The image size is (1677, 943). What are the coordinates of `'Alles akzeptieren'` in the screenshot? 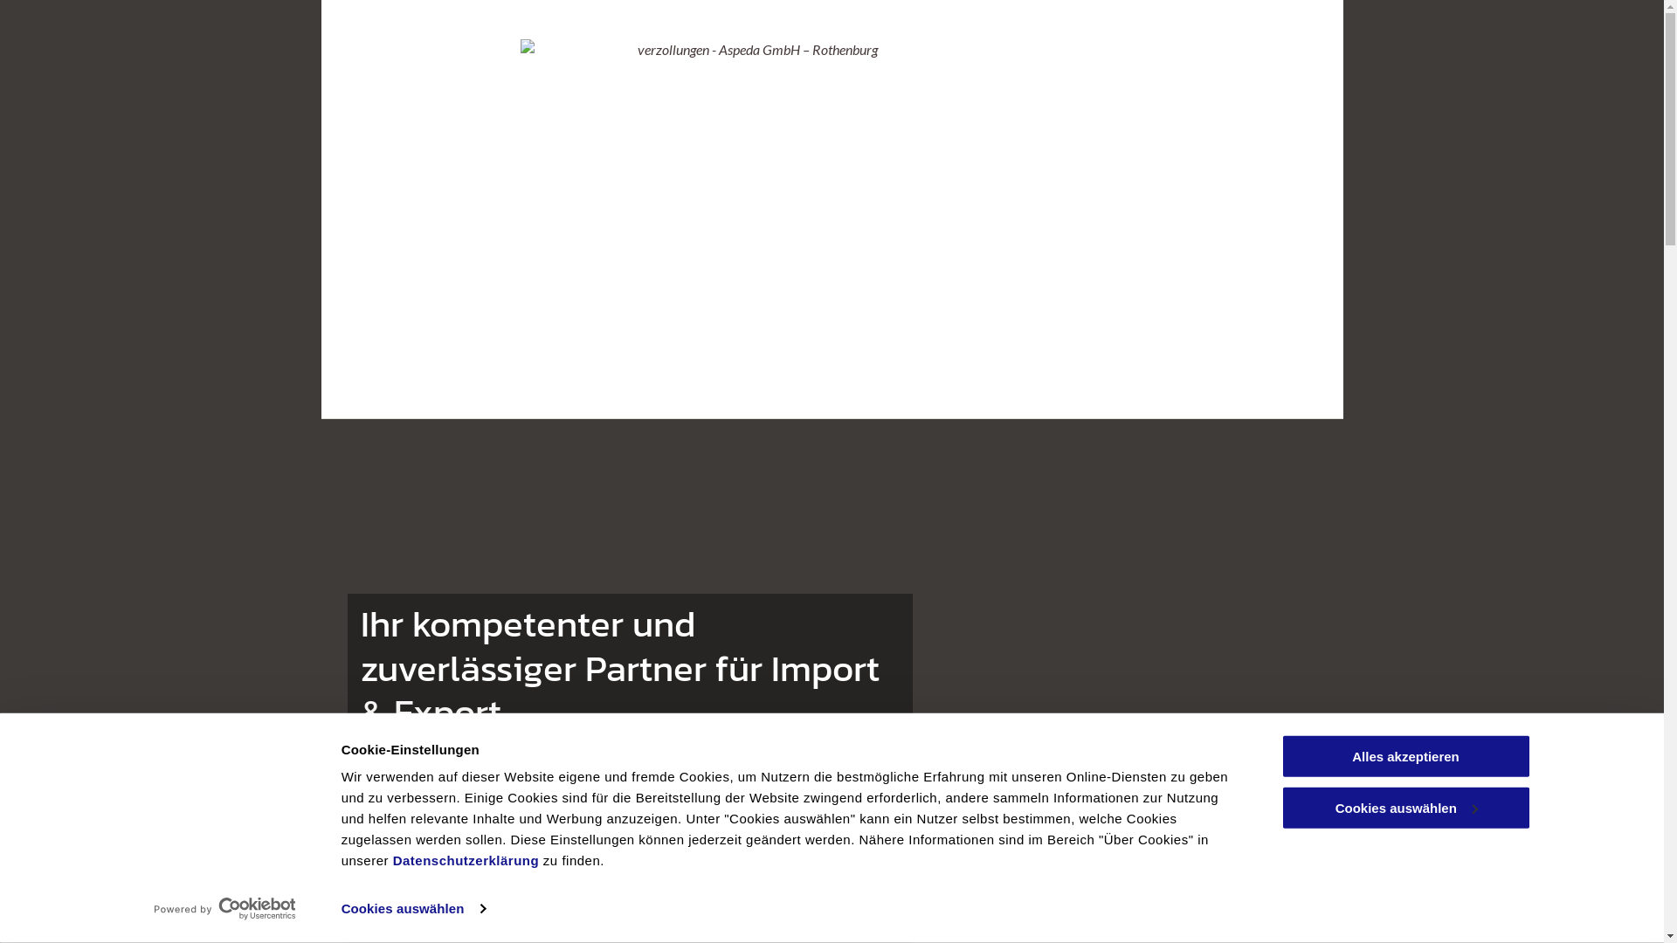 It's located at (1404, 755).